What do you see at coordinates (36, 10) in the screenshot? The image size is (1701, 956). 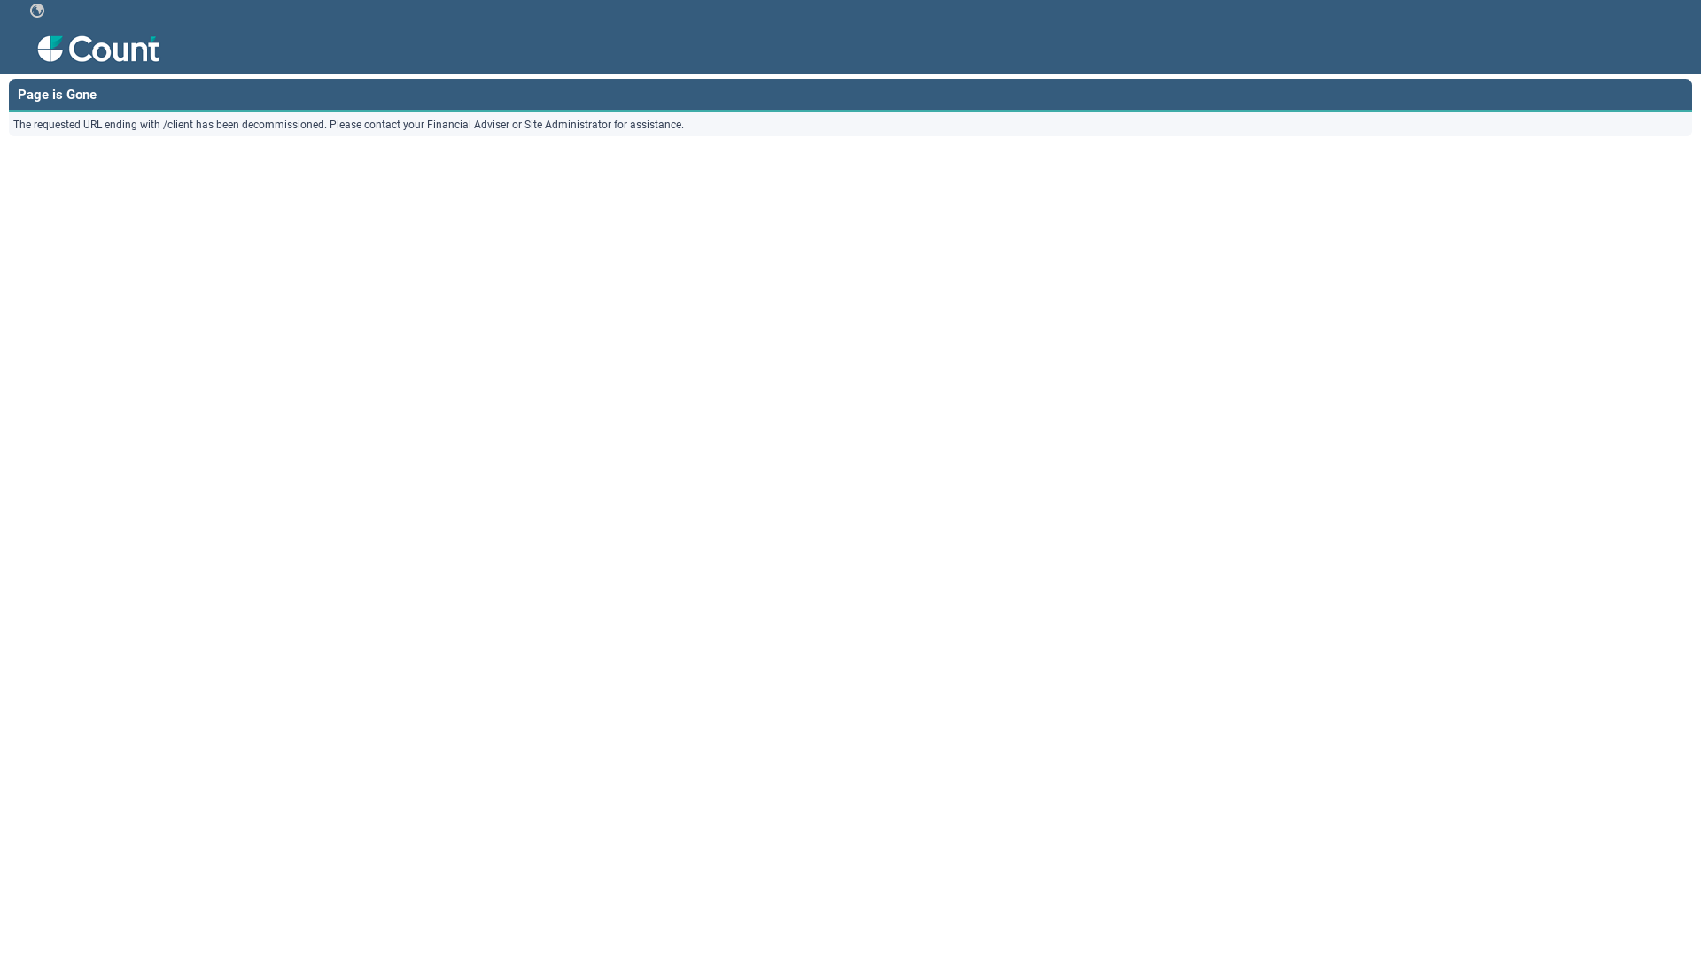 I see `' '` at bounding box center [36, 10].